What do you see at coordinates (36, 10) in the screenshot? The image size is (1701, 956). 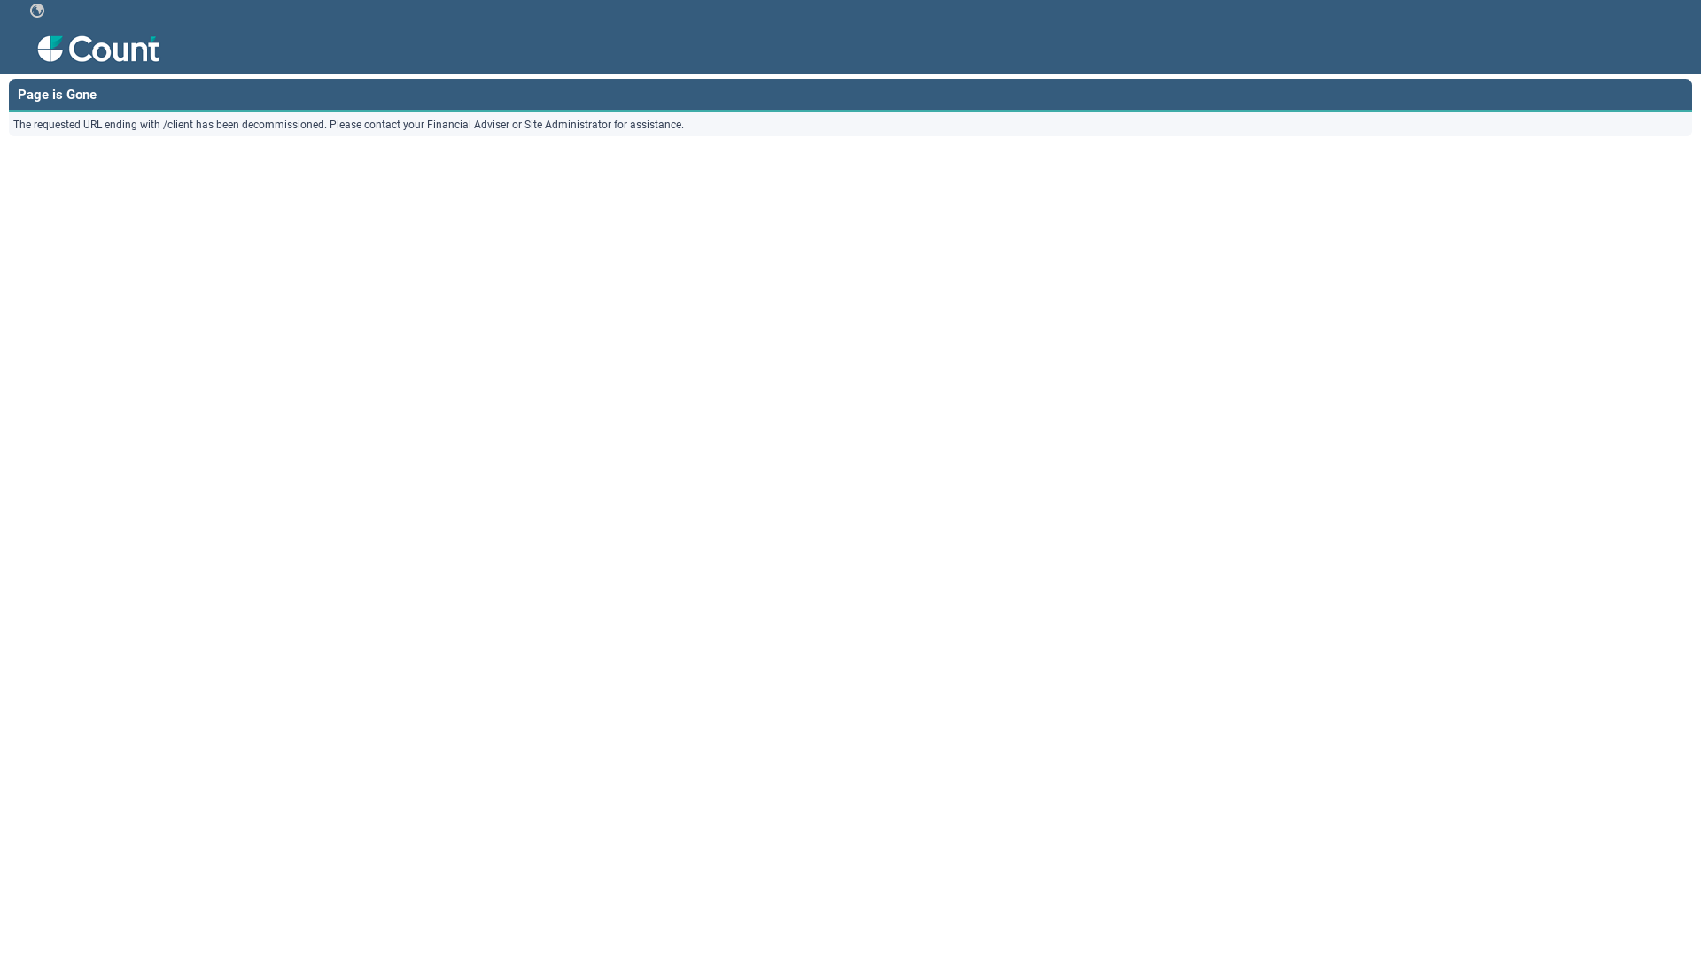 I see `' '` at bounding box center [36, 10].